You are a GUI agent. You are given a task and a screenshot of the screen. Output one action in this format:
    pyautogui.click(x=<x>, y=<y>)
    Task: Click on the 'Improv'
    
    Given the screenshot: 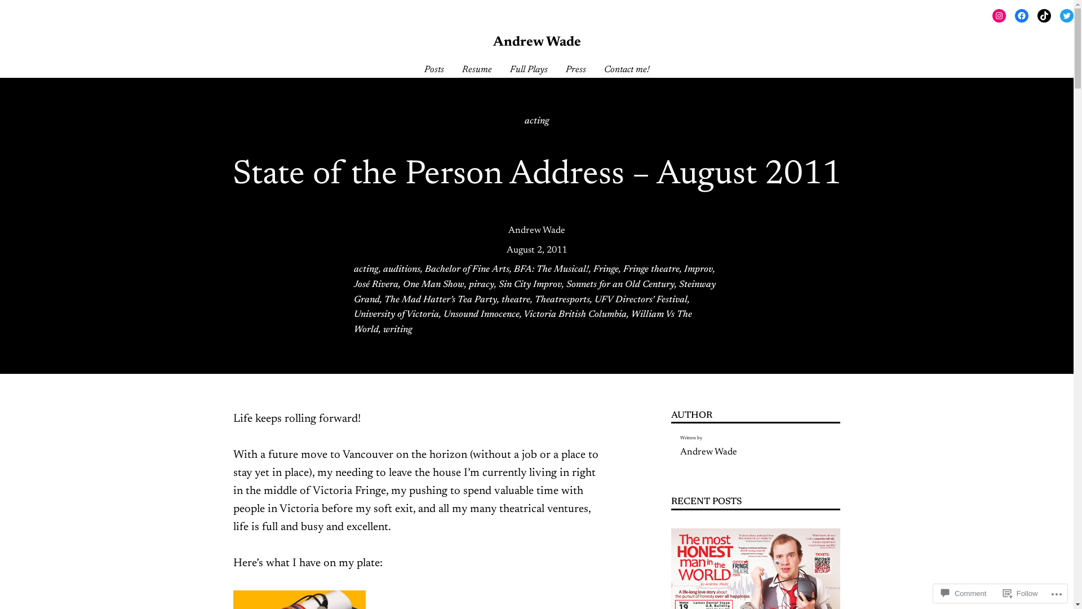 What is the action you would take?
    pyautogui.click(x=698, y=270)
    